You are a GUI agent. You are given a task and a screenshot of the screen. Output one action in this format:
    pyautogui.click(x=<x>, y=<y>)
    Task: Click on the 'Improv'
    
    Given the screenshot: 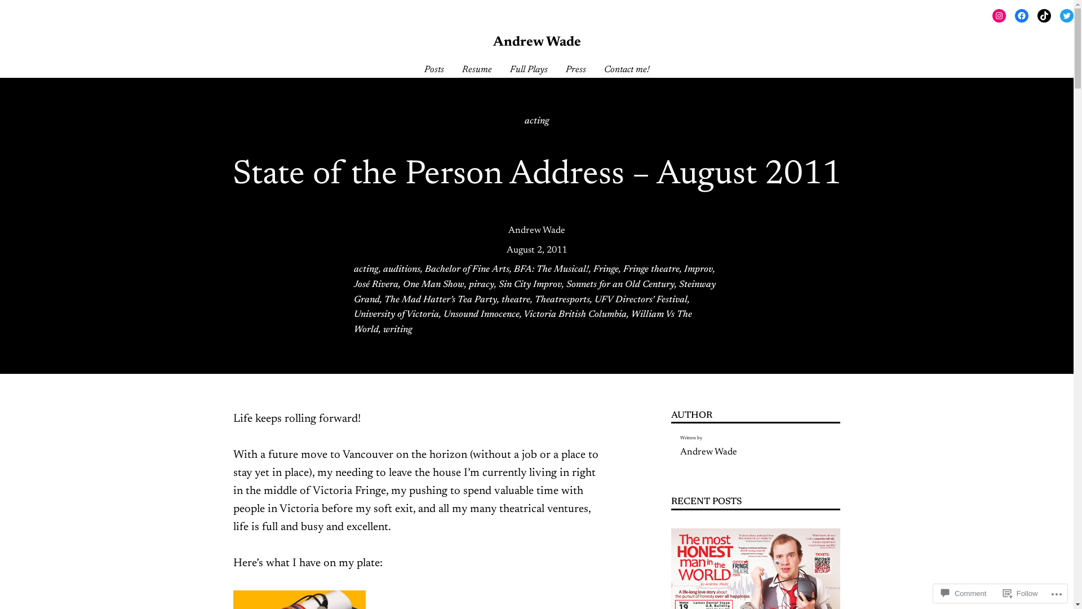 What is the action you would take?
    pyautogui.click(x=698, y=270)
    